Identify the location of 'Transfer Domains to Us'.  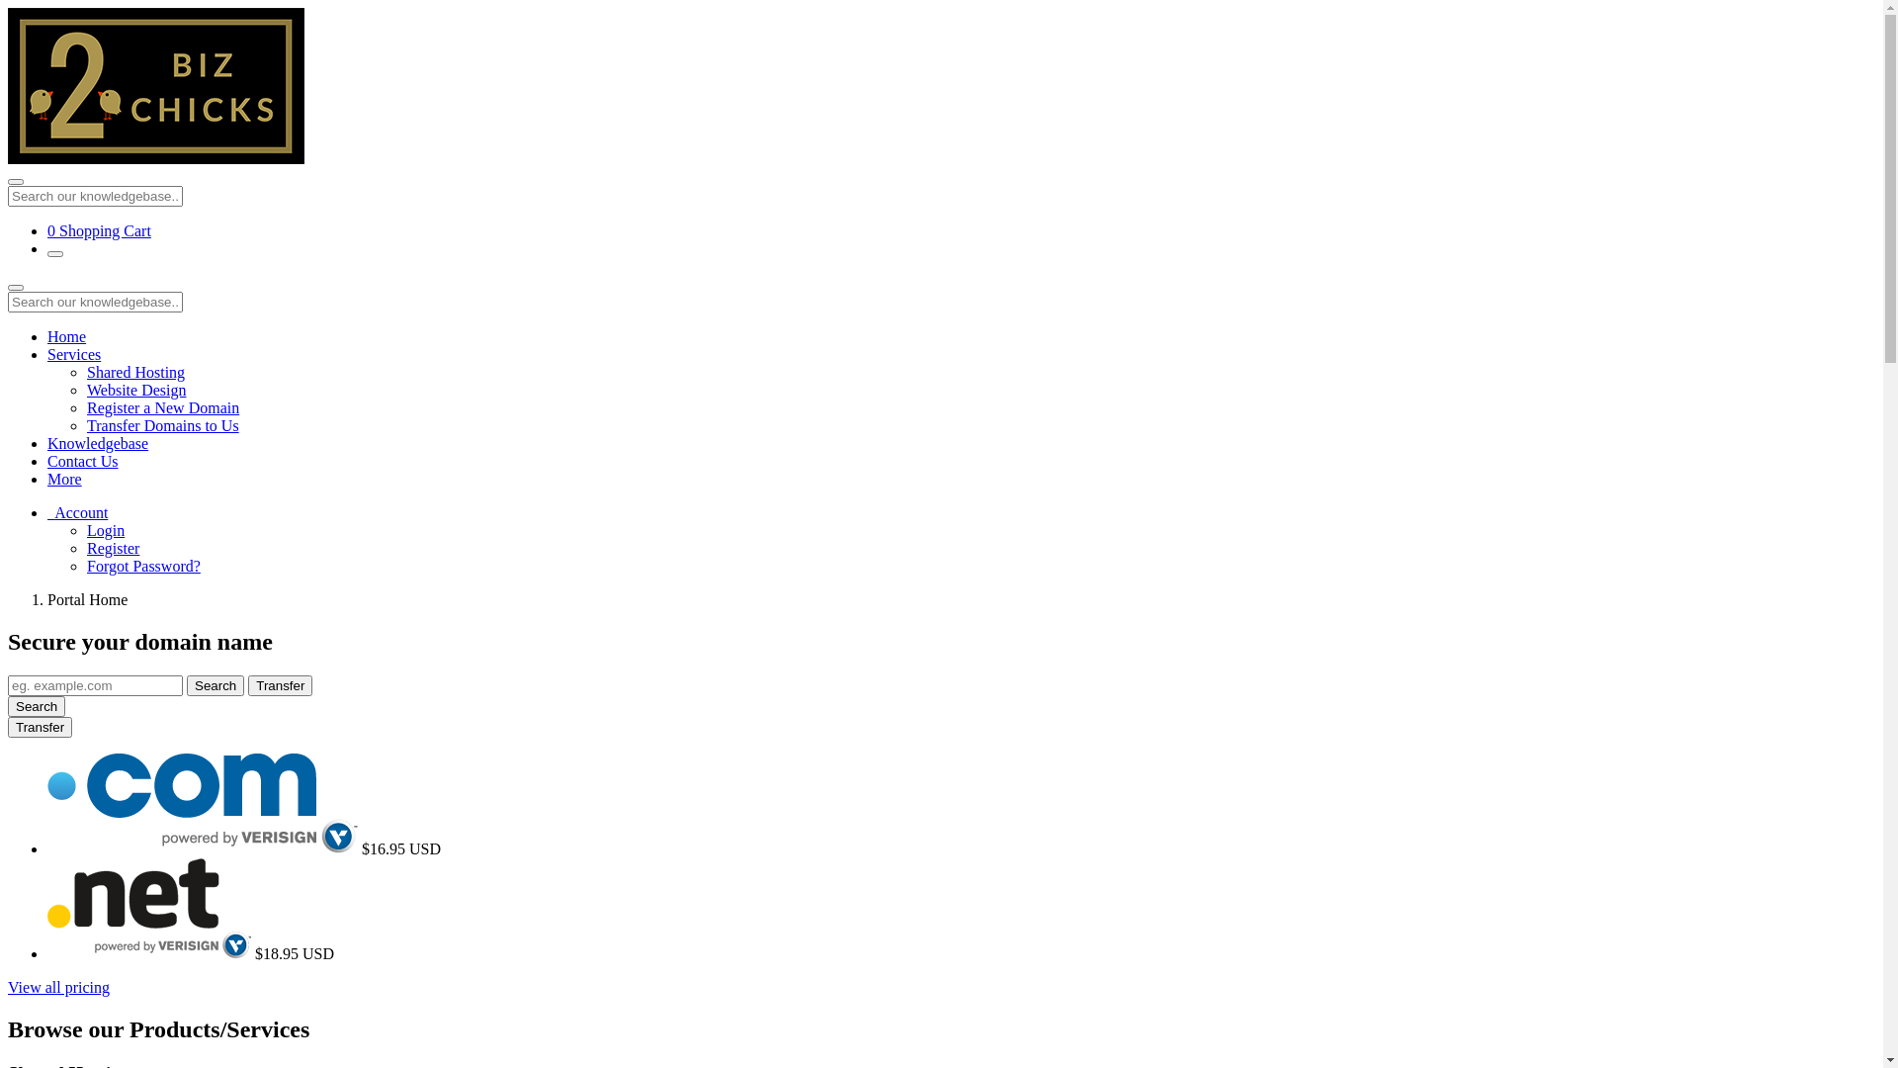
(162, 424).